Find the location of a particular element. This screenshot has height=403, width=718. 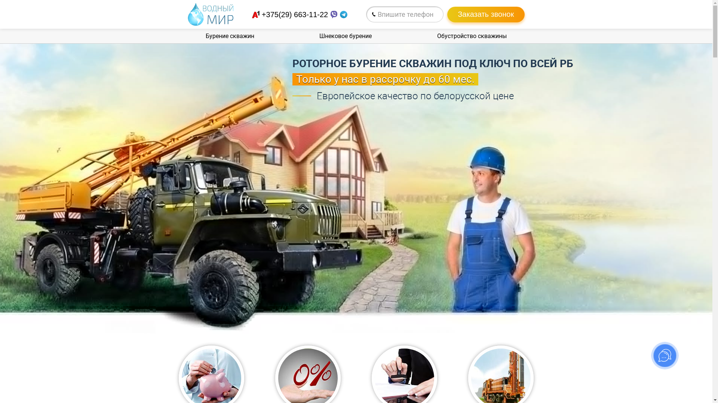

'+375(29) 663-11-22' is located at coordinates (262, 14).